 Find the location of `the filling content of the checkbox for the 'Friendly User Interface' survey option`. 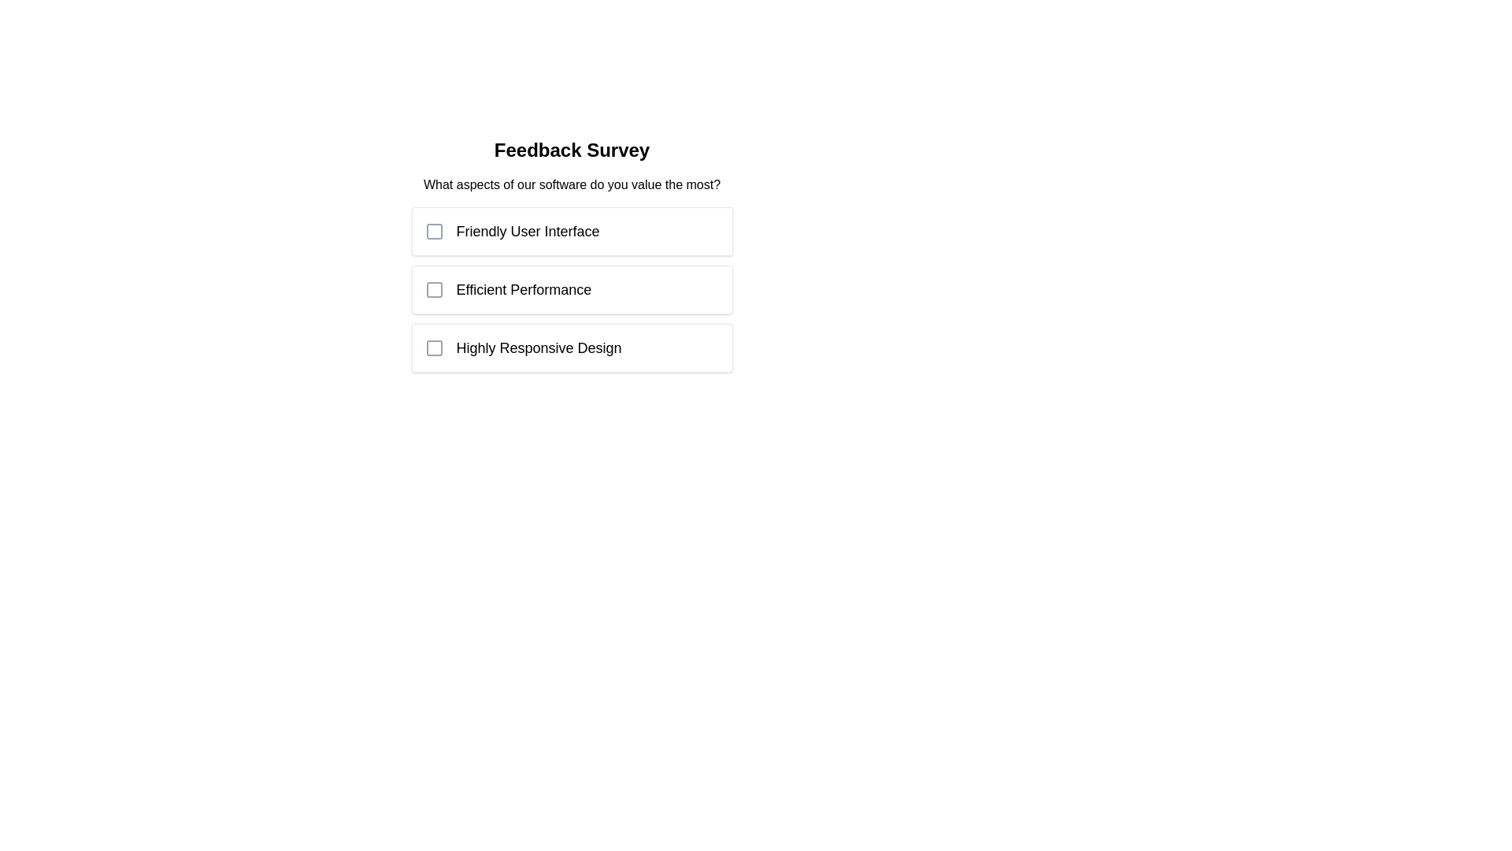

the filling content of the checkbox for the 'Friendly User Interface' survey option is located at coordinates (434, 231).